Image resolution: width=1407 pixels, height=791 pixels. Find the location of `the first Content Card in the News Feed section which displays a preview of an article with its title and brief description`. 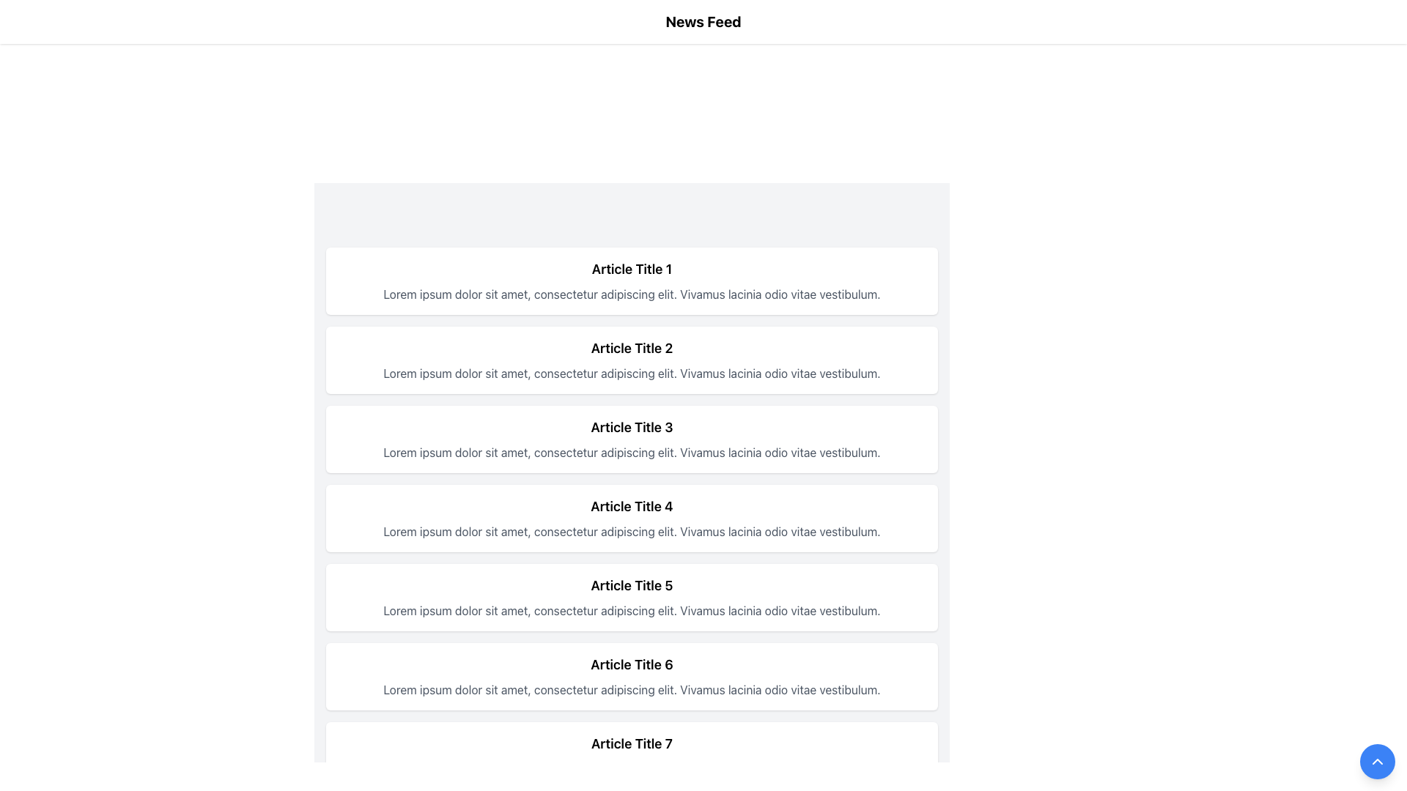

the first Content Card in the News Feed section which displays a preview of an article with its title and brief description is located at coordinates (632, 281).